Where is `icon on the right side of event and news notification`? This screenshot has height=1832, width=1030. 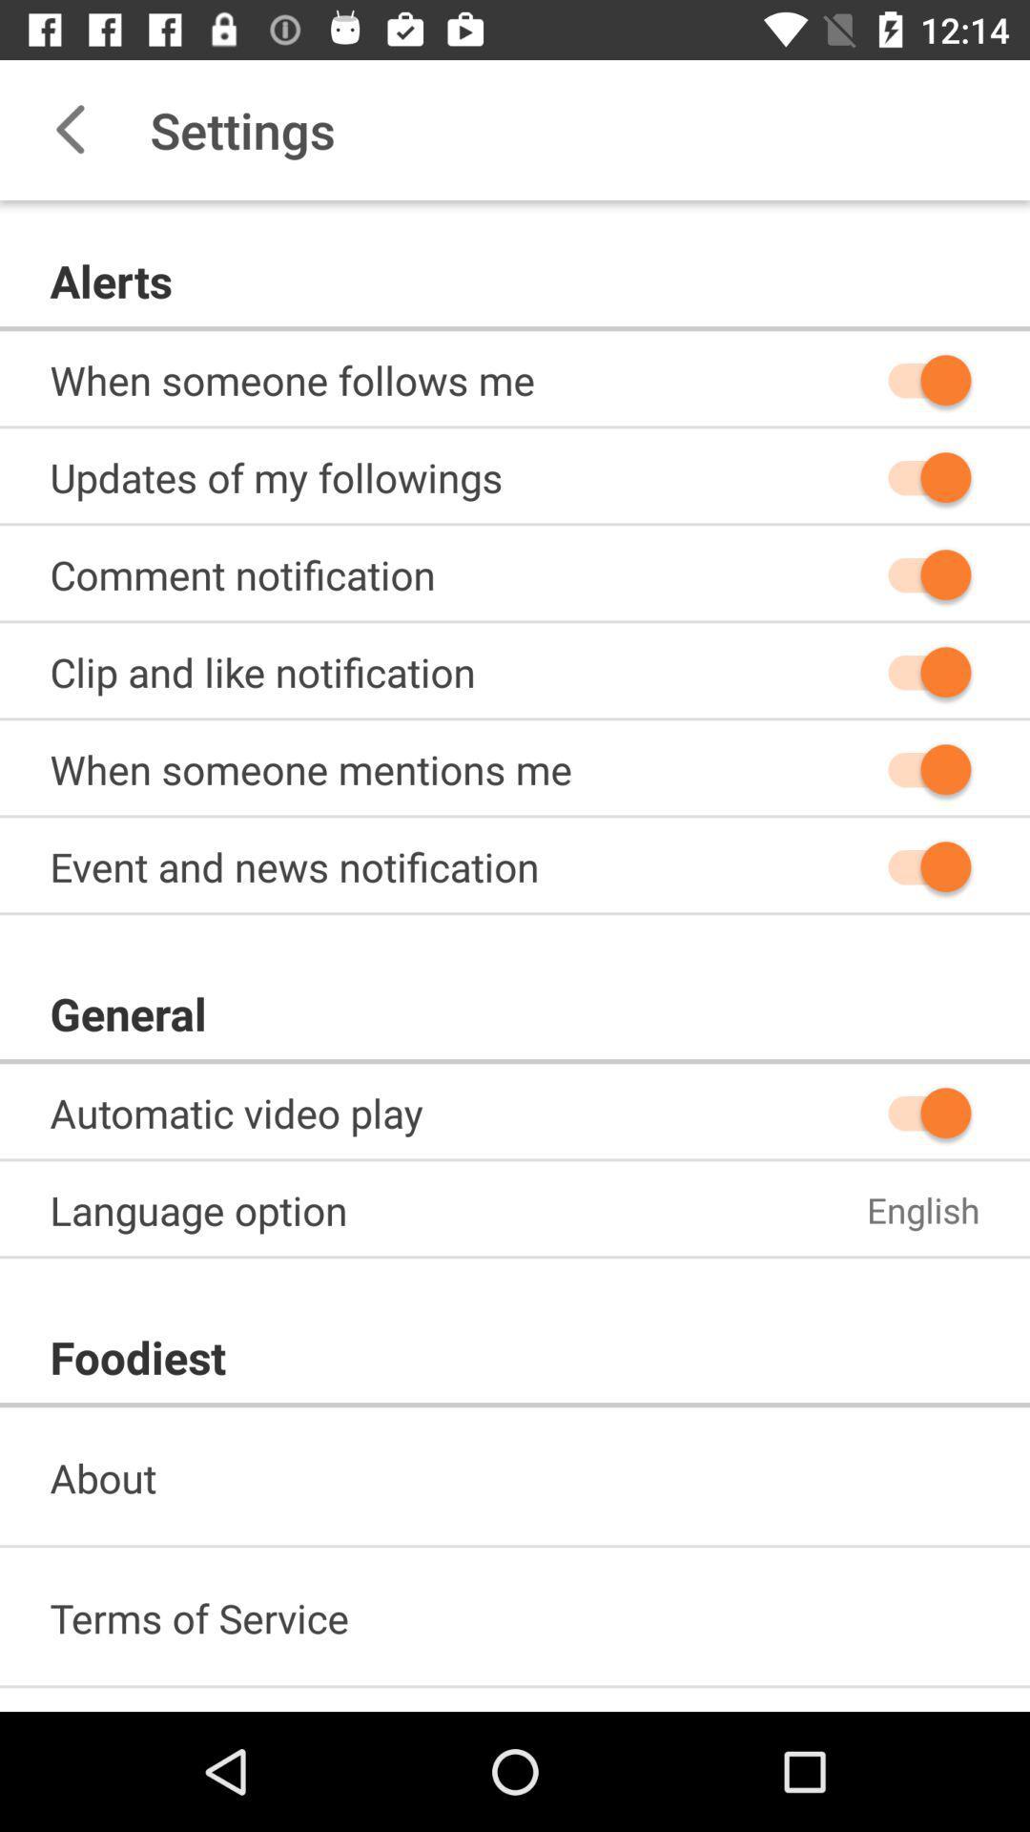 icon on the right side of event and news notification is located at coordinates (919, 864).